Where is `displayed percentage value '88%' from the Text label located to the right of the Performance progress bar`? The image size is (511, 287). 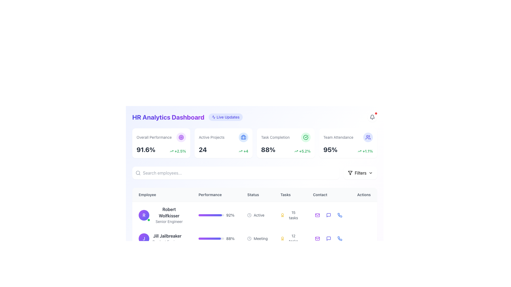
displayed percentage value '88%' from the Text label located to the right of the Performance progress bar is located at coordinates (230, 238).